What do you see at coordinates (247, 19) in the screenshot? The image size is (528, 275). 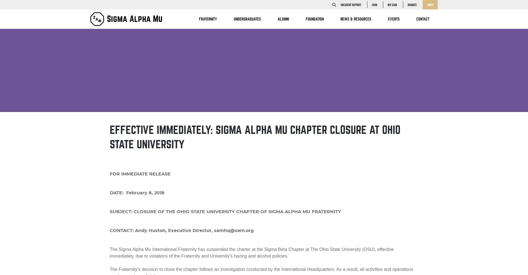 I see `'Undergraduates'` at bounding box center [247, 19].